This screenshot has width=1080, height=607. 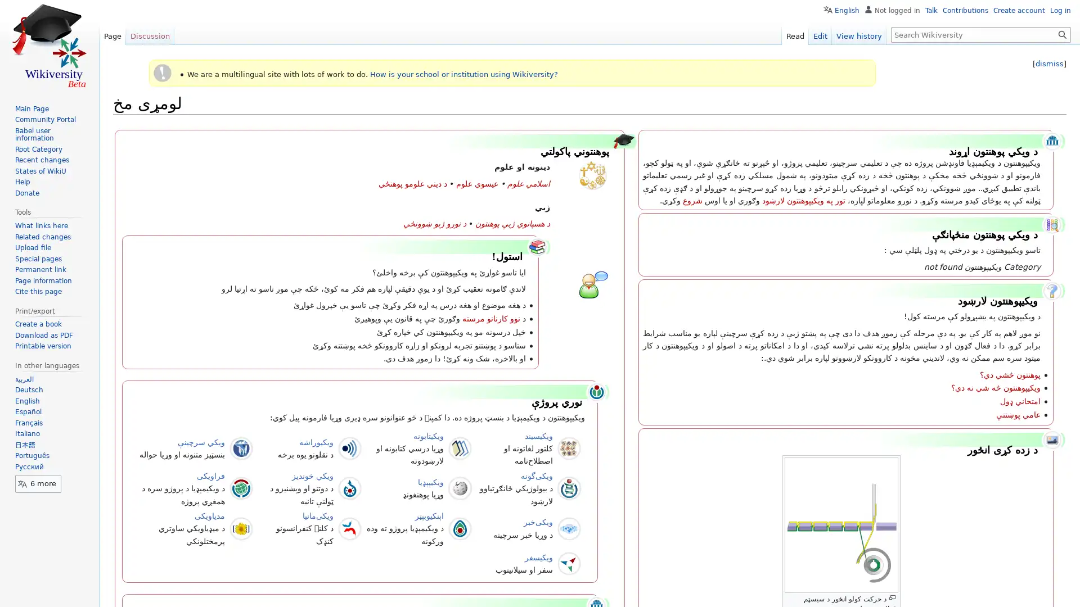 What do you see at coordinates (38, 483) in the screenshot?
I see `6 more` at bounding box center [38, 483].